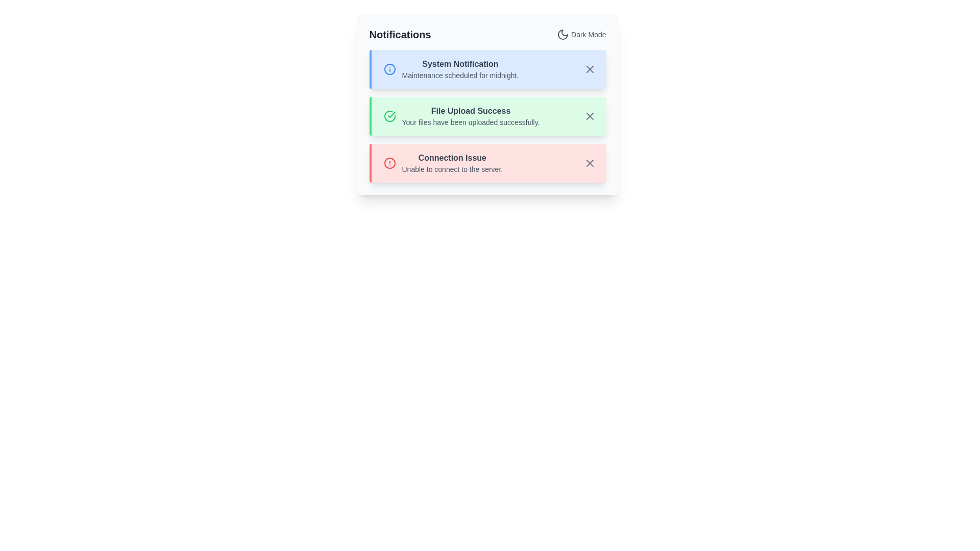  Describe the element at coordinates (590, 163) in the screenshot. I see `the close button located at the top-right corner of the 'Connection Issue' notification card` at that location.